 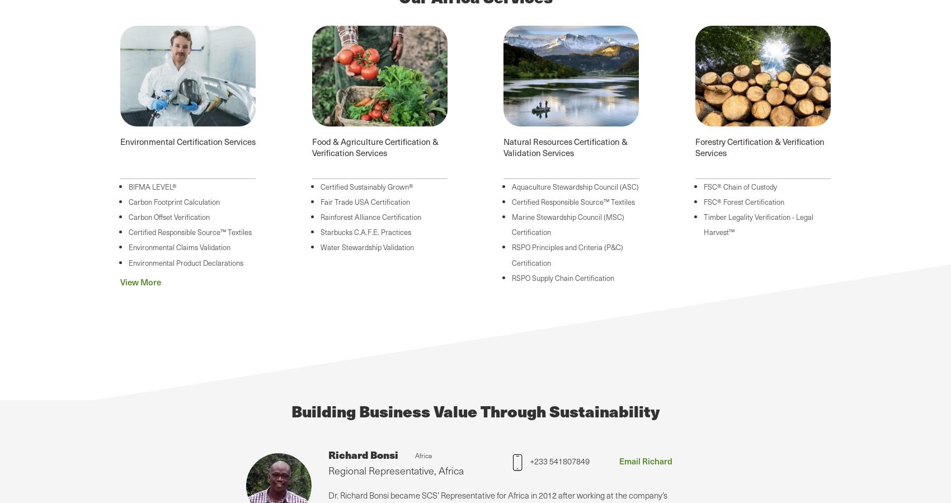 What do you see at coordinates (567, 224) in the screenshot?
I see `'Marine Stewardship Council (MSC) Certification'` at bounding box center [567, 224].